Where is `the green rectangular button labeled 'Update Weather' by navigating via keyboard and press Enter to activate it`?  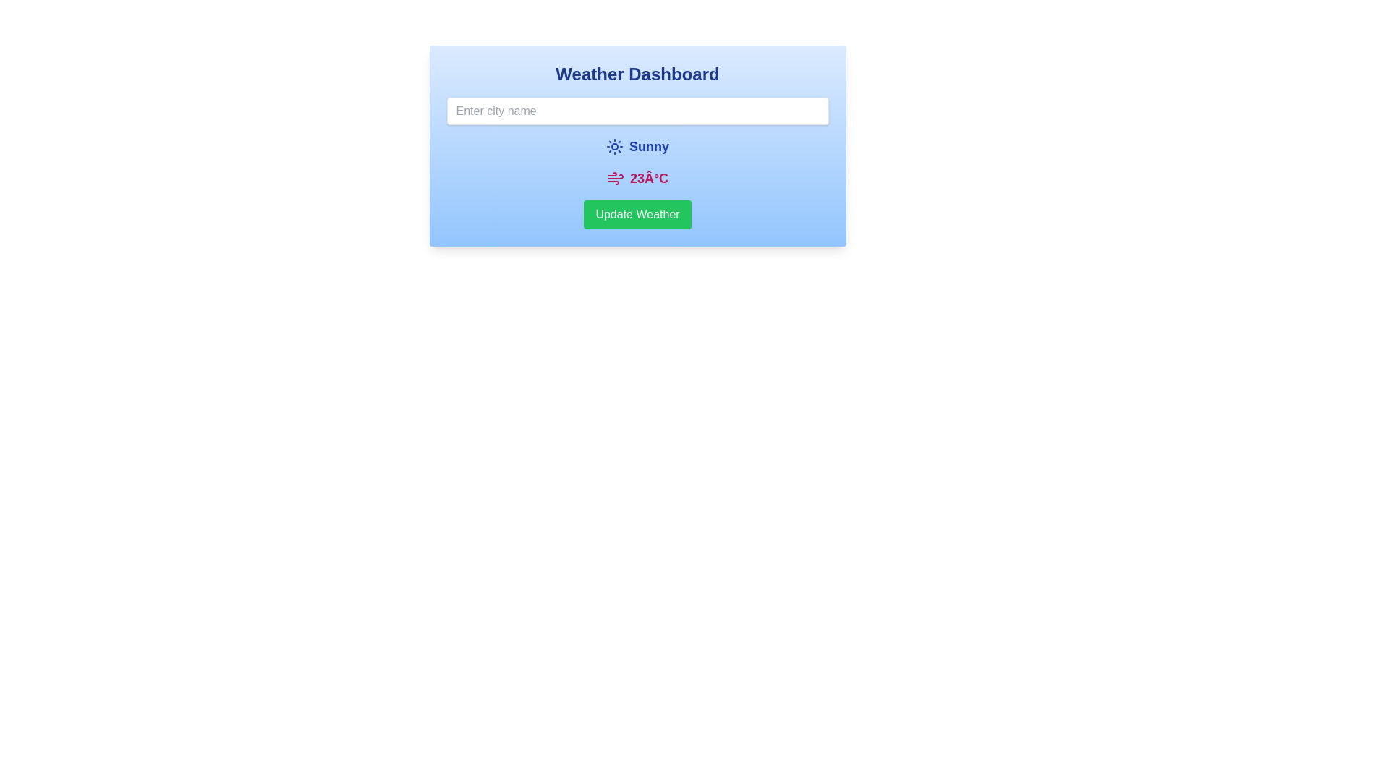
the green rectangular button labeled 'Update Weather' by navigating via keyboard and press Enter to activate it is located at coordinates (637, 215).